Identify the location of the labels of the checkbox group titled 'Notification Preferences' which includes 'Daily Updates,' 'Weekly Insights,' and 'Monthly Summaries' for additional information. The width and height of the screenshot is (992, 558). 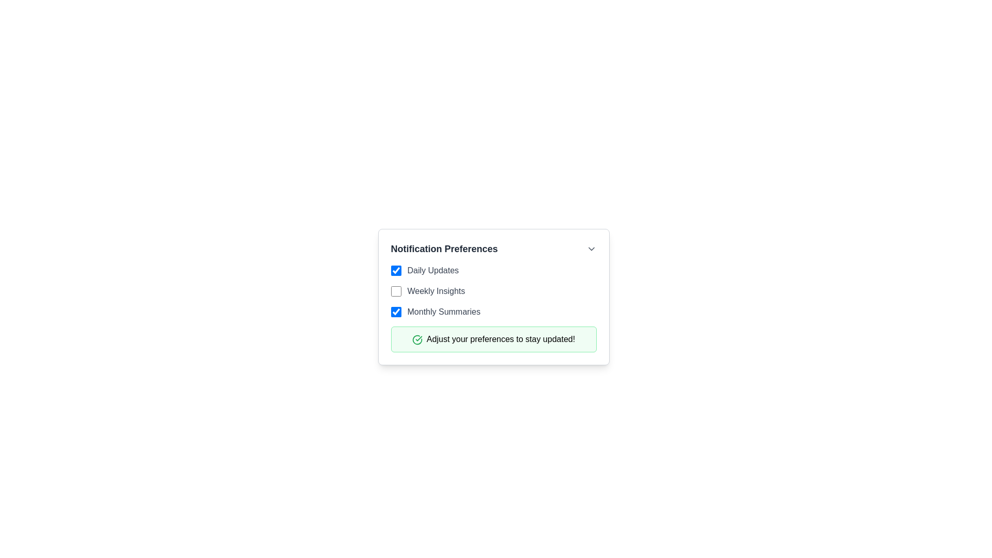
(493, 291).